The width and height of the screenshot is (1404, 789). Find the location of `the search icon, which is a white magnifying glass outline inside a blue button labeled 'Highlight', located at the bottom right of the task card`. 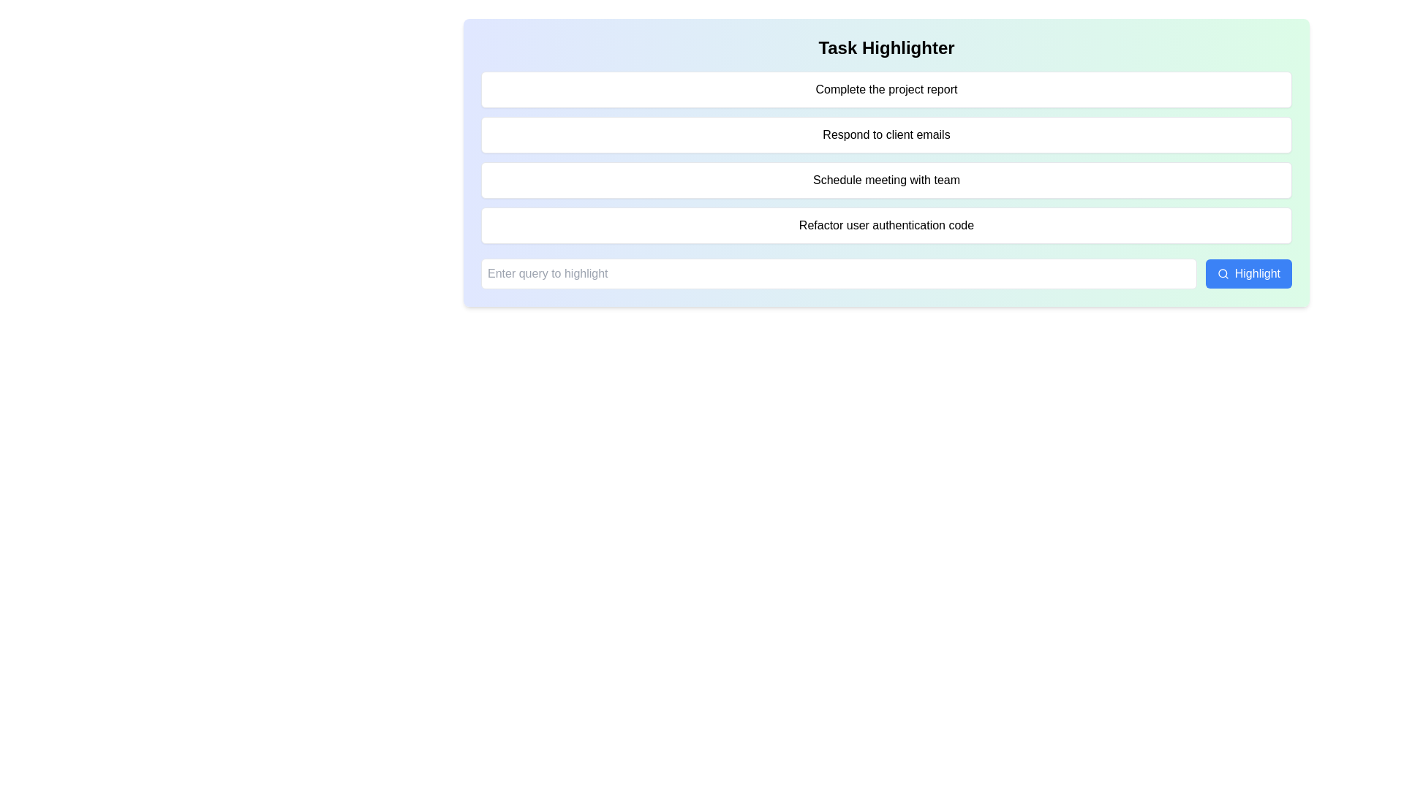

the search icon, which is a white magnifying glass outline inside a blue button labeled 'Highlight', located at the bottom right of the task card is located at coordinates (1223, 273).